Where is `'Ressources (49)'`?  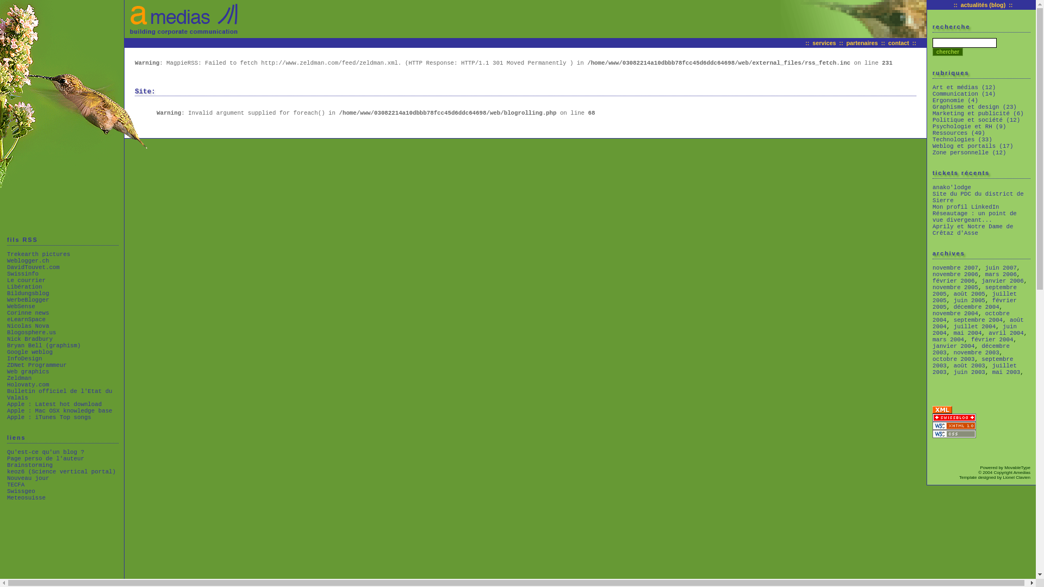 'Ressources (49)' is located at coordinates (959, 133).